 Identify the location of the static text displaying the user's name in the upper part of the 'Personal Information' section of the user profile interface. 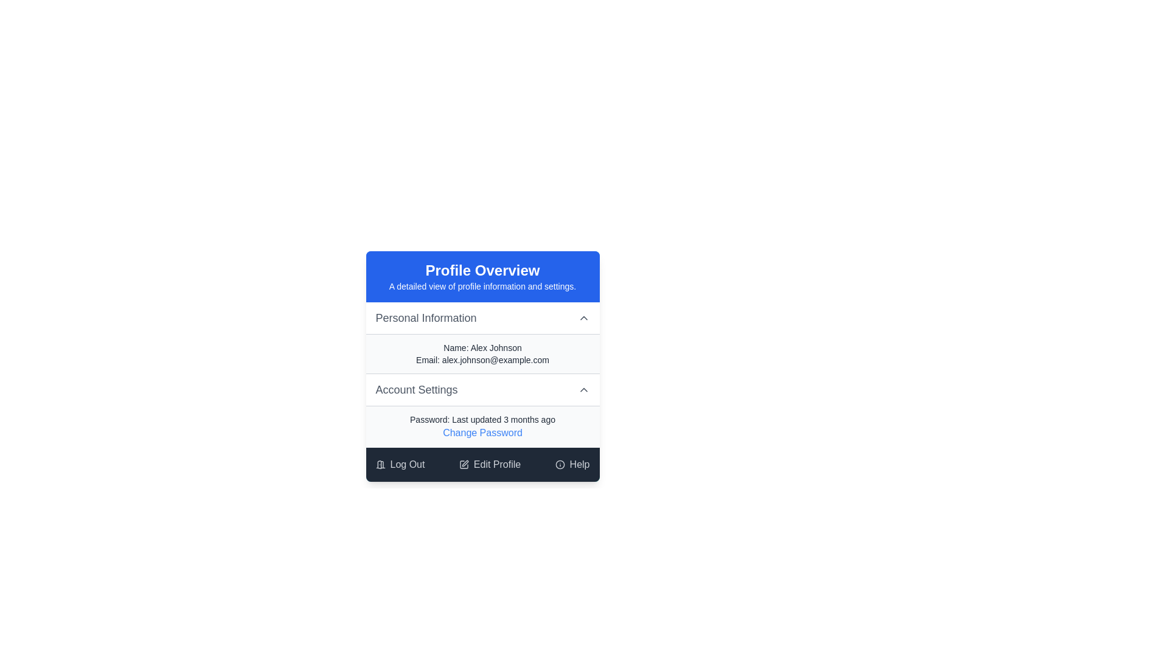
(482, 347).